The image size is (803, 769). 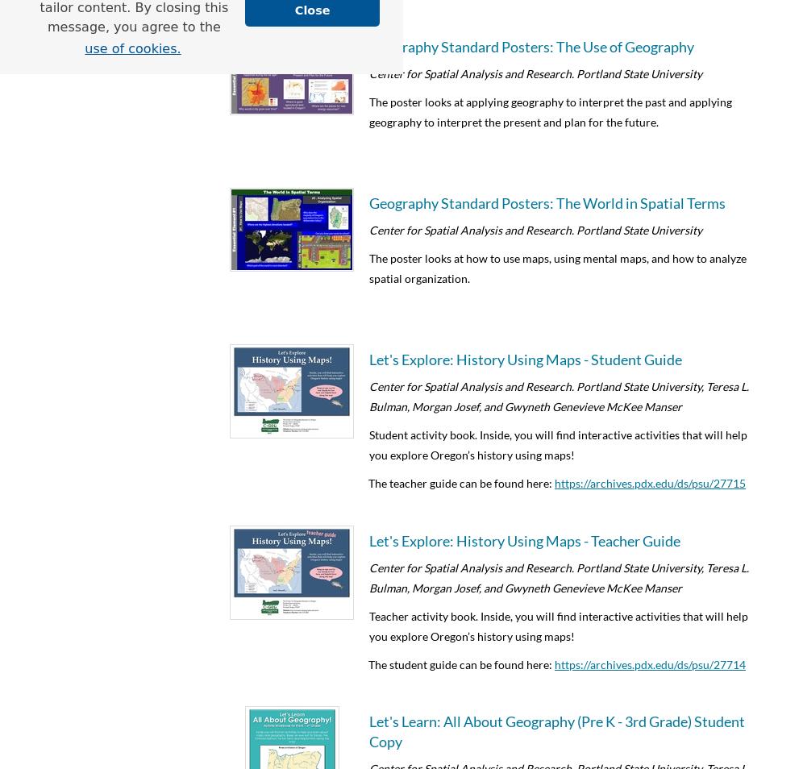 What do you see at coordinates (557, 731) in the screenshot?
I see `'Let's Learn: All About Geography (Pre K - 3rd Grade) Student Copy'` at bounding box center [557, 731].